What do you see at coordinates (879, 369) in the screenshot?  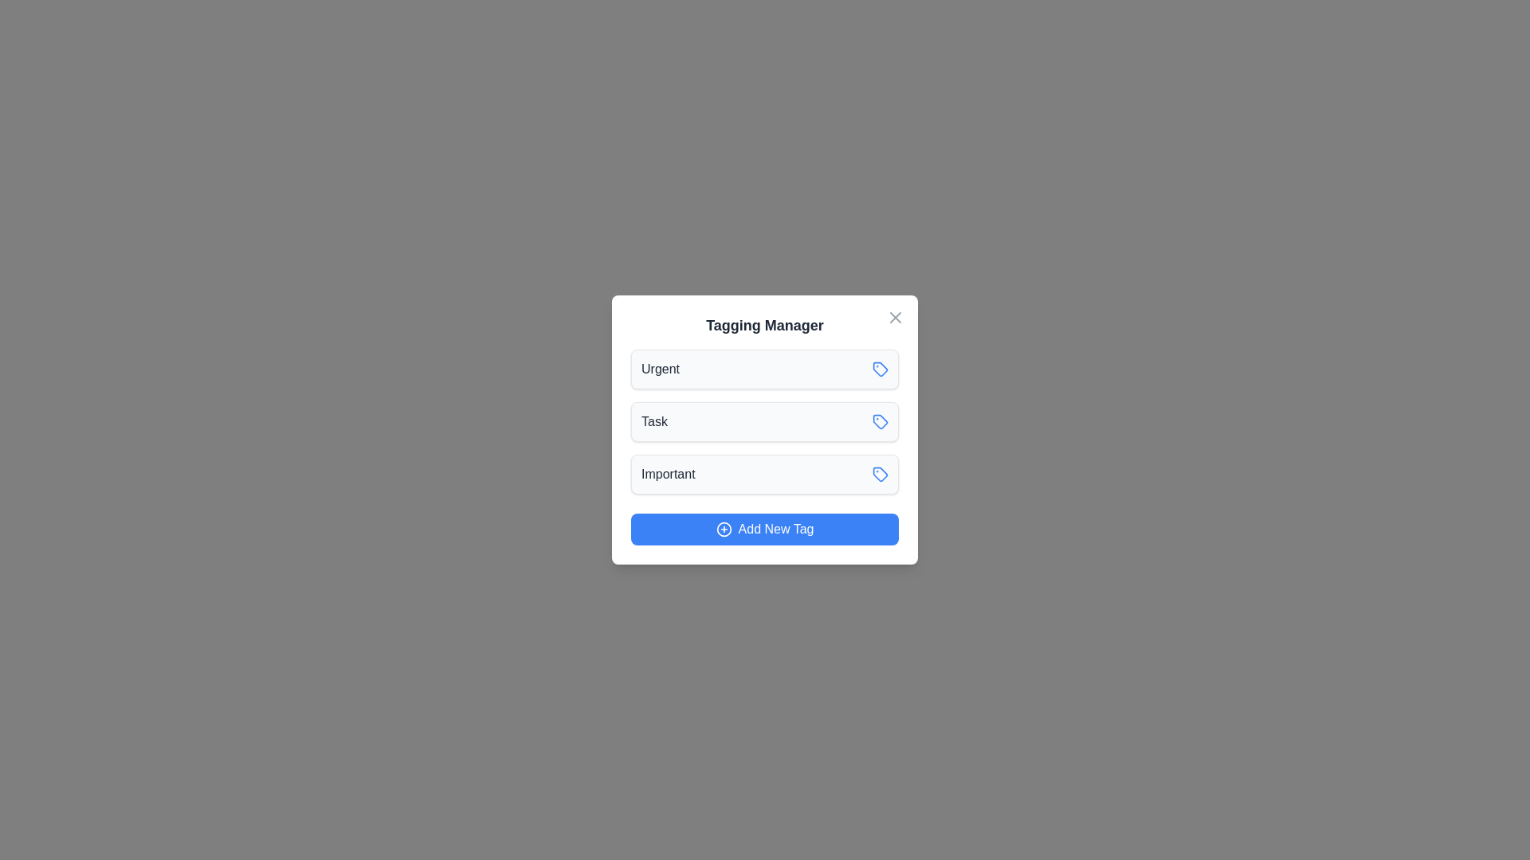 I see `the tag icon corresponding to Urgent to view its details` at bounding box center [879, 369].